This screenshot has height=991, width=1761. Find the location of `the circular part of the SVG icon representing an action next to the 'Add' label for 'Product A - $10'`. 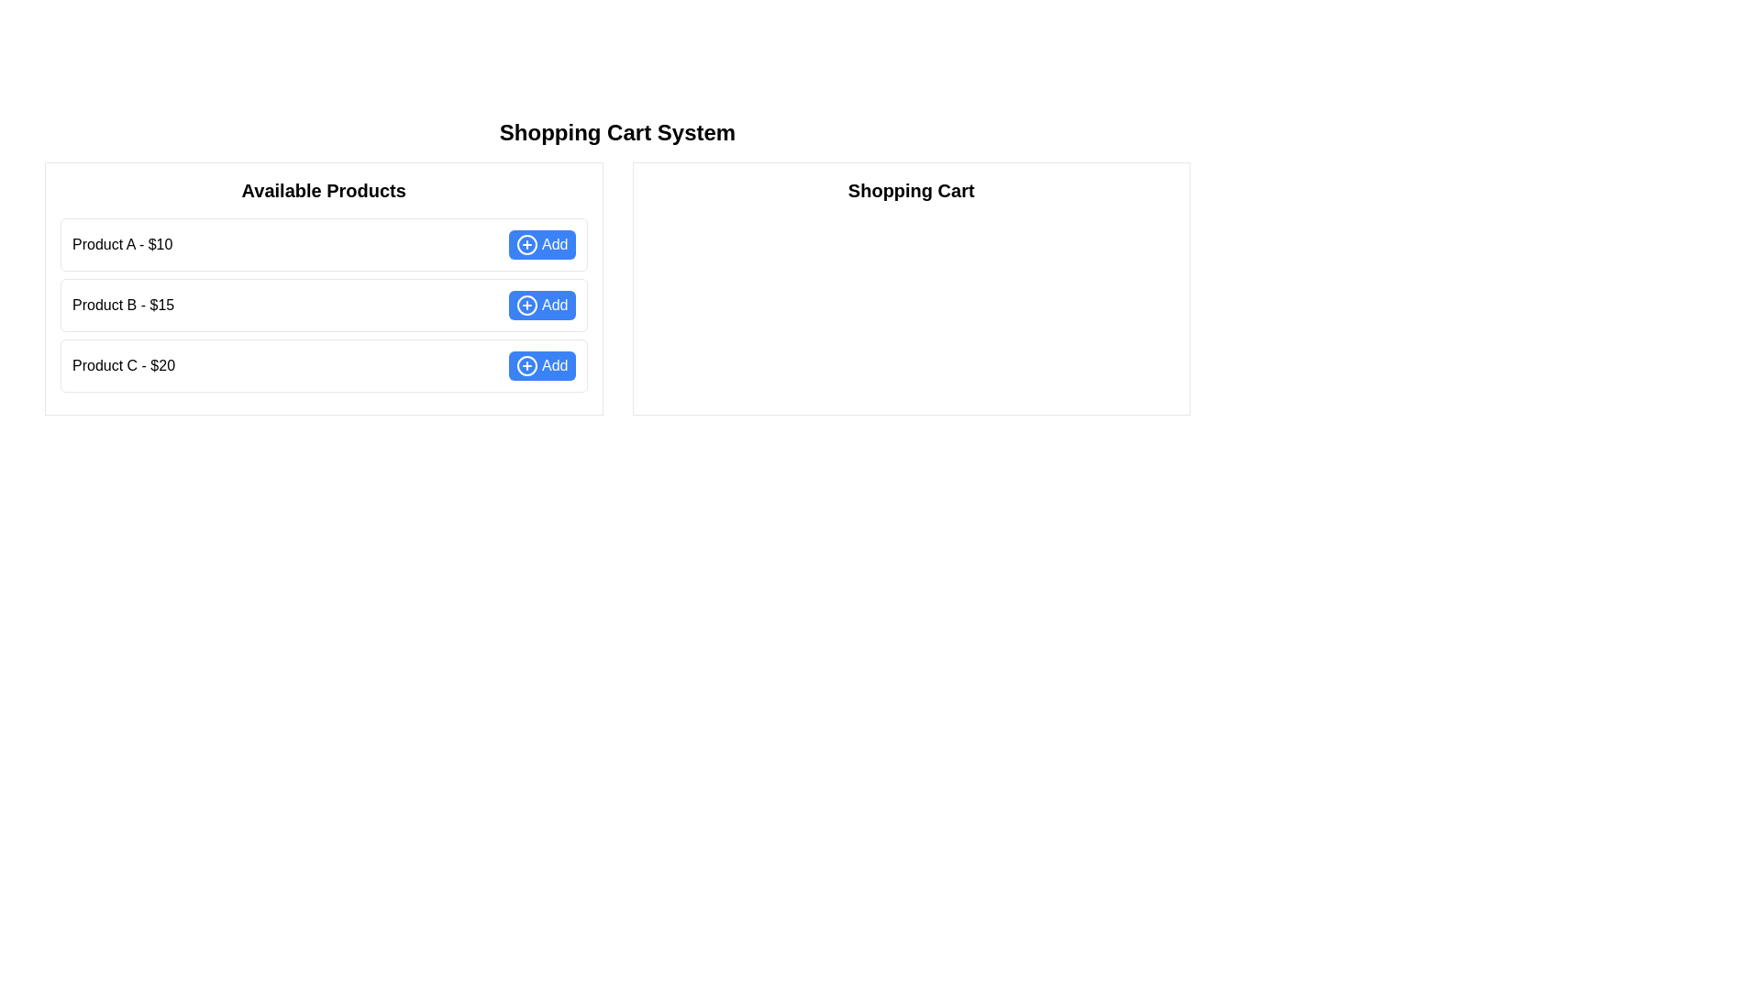

the circular part of the SVG icon representing an action next to the 'Add' label for 'Product A - $10' is located at coordinates (526, 243).